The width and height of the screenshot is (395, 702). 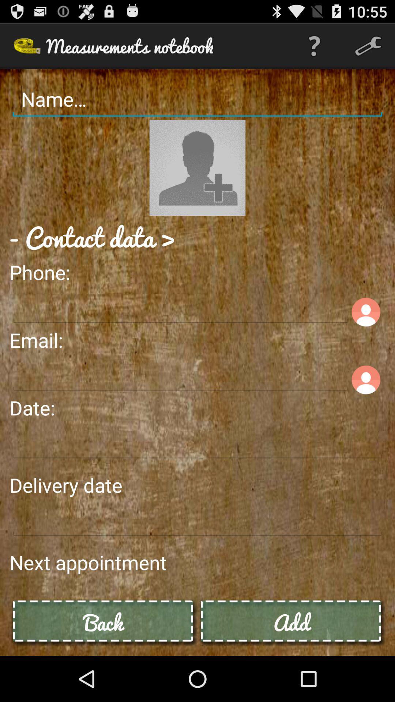 I want to click on the avatar icon, so click(x=366, y=406).